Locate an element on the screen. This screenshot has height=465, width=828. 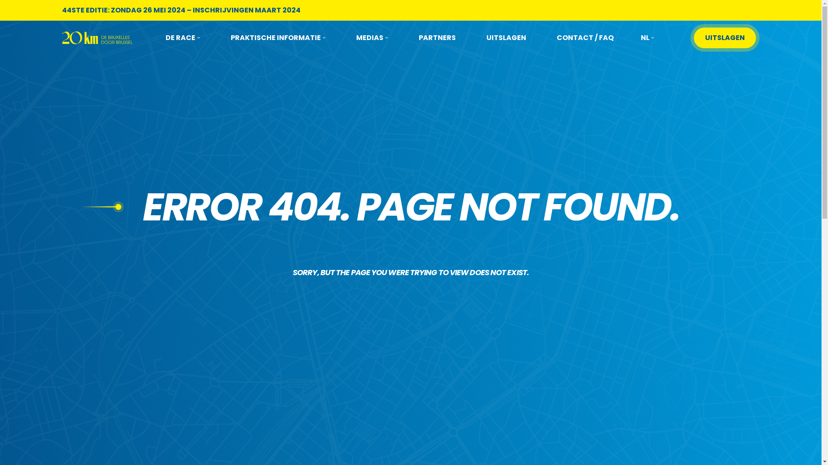
'MEDIAS' is located at coordinates (372, 37).